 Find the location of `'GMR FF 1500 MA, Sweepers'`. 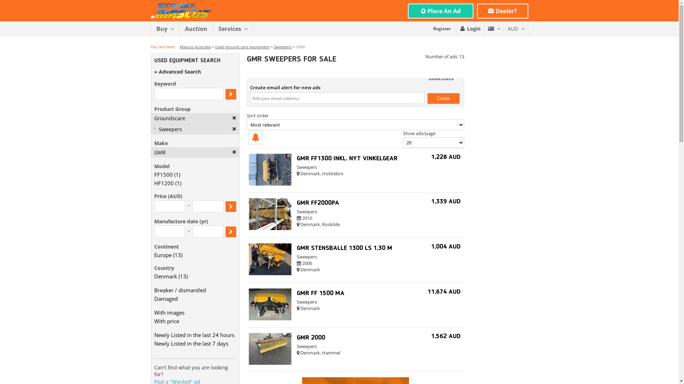

'GMR FF 1500 MA, Sweepers' is located at coordinates (270, 318).